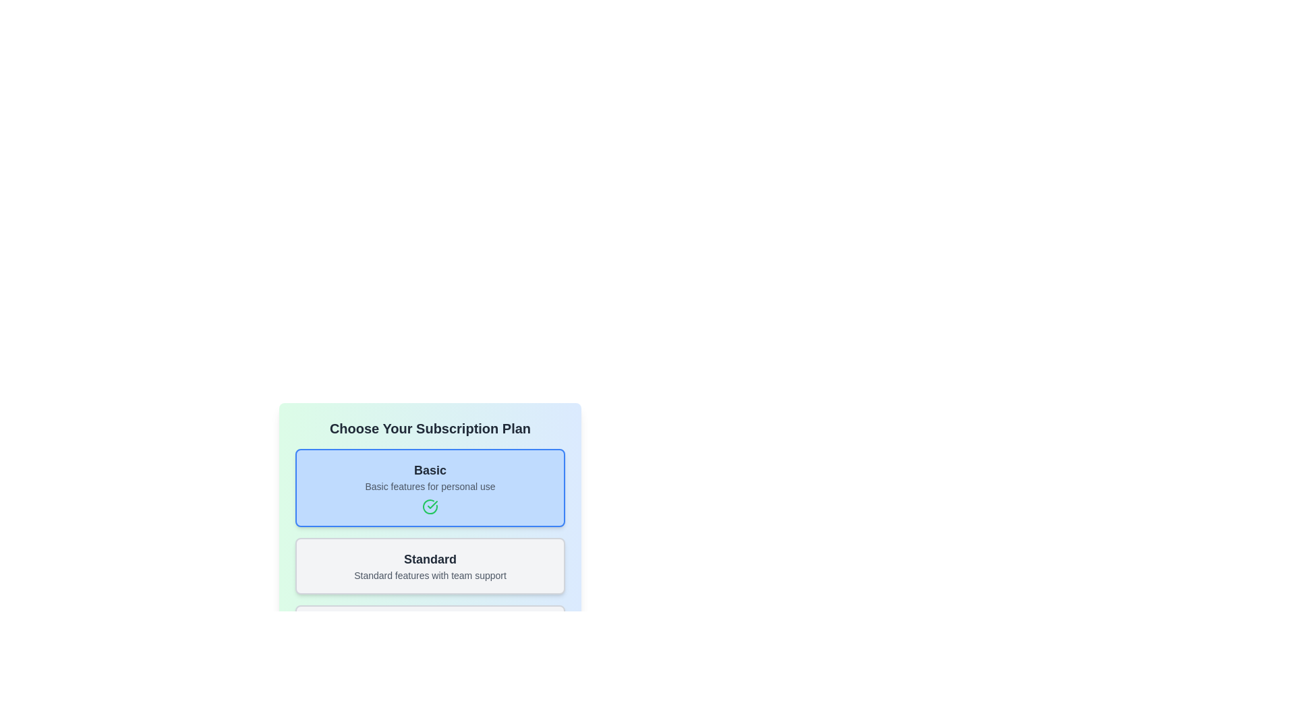  I want to click on the subscription plan Basic by clicking on its card, so click(430, 488).